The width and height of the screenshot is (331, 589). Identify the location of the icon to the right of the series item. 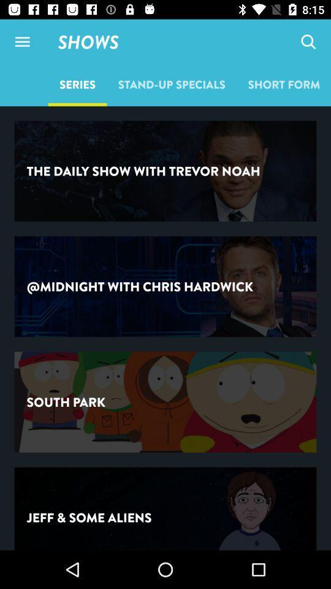
(171, 83).